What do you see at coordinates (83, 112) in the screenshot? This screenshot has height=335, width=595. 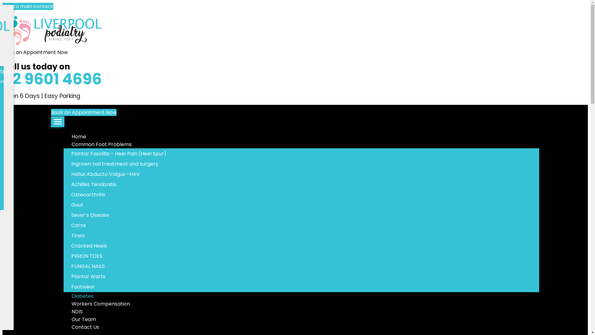 I see `'Book an Appointment Now'` at bounding box center [83, 112].